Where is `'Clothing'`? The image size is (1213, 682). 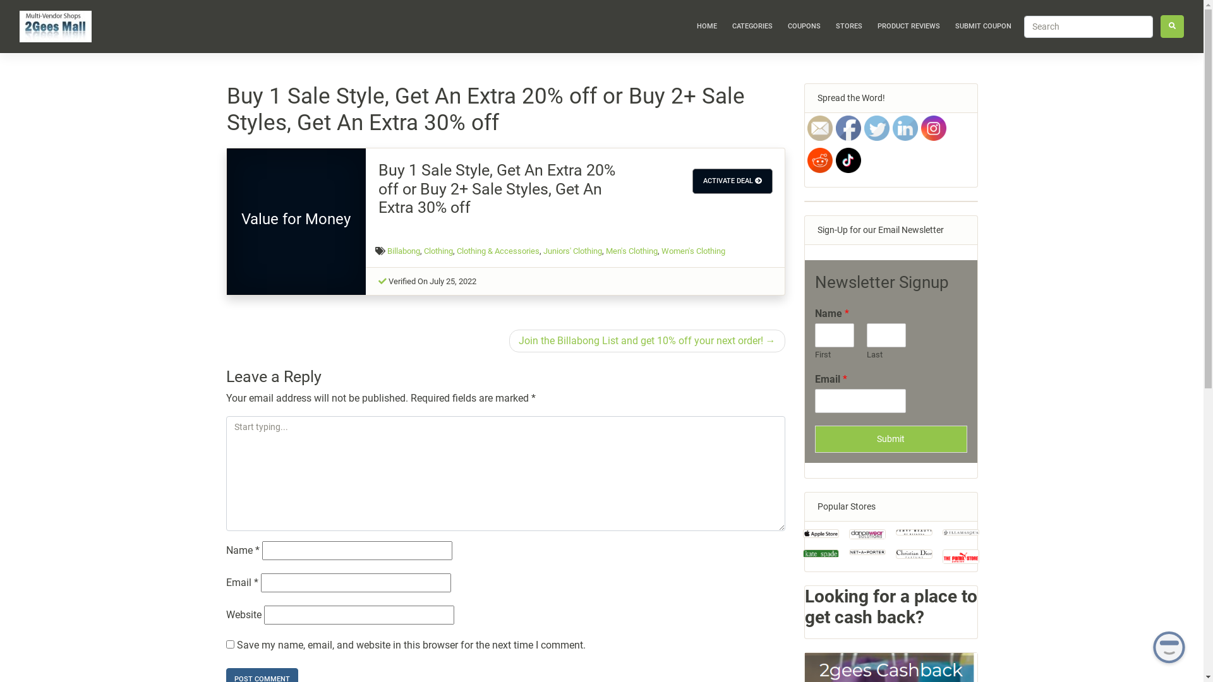 'Clothing' is located at coordinates (438, 251).